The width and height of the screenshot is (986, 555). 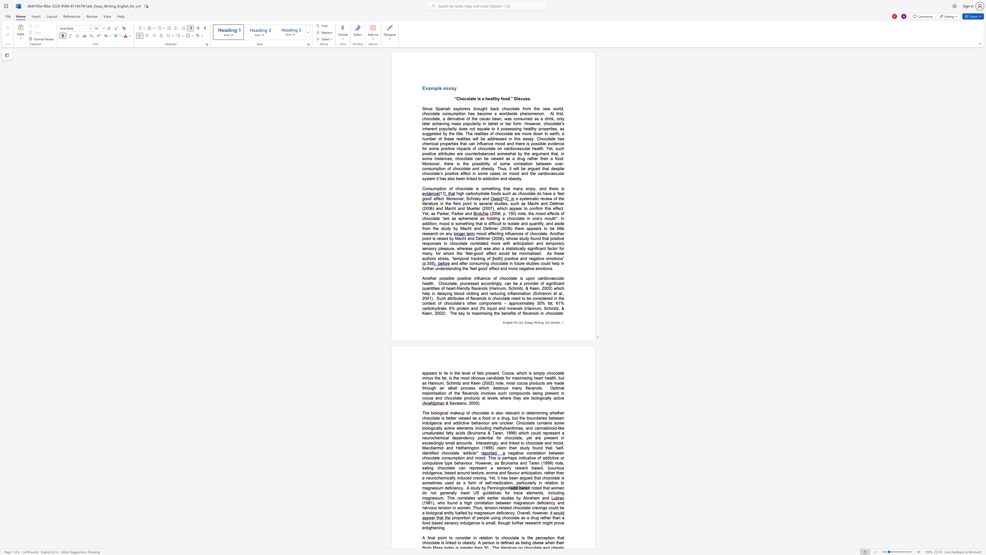 I want to click on the subset text "Interestingly, and linked to chocol" within the text "Interestingly, and linked to chocolate and", so click(x=475, y=443).